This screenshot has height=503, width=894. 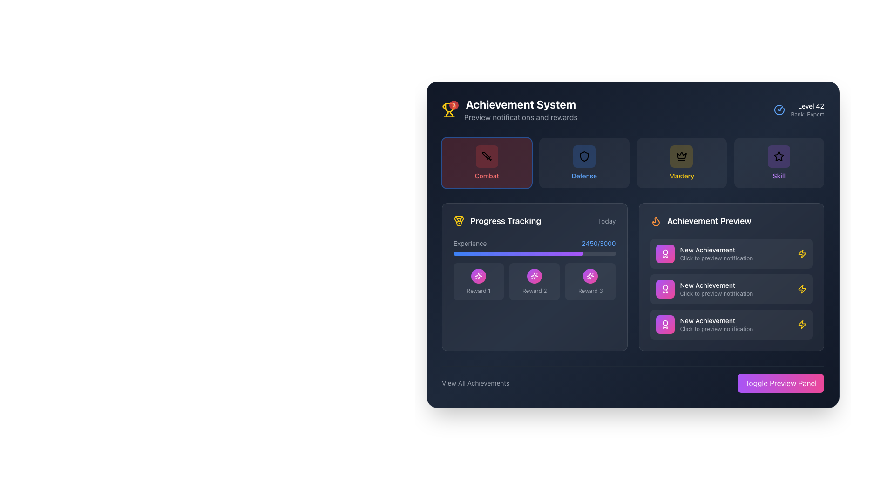 I want to click on the first spark icon in the 'Progress Tracking' panel, so click(x=589, y=276).